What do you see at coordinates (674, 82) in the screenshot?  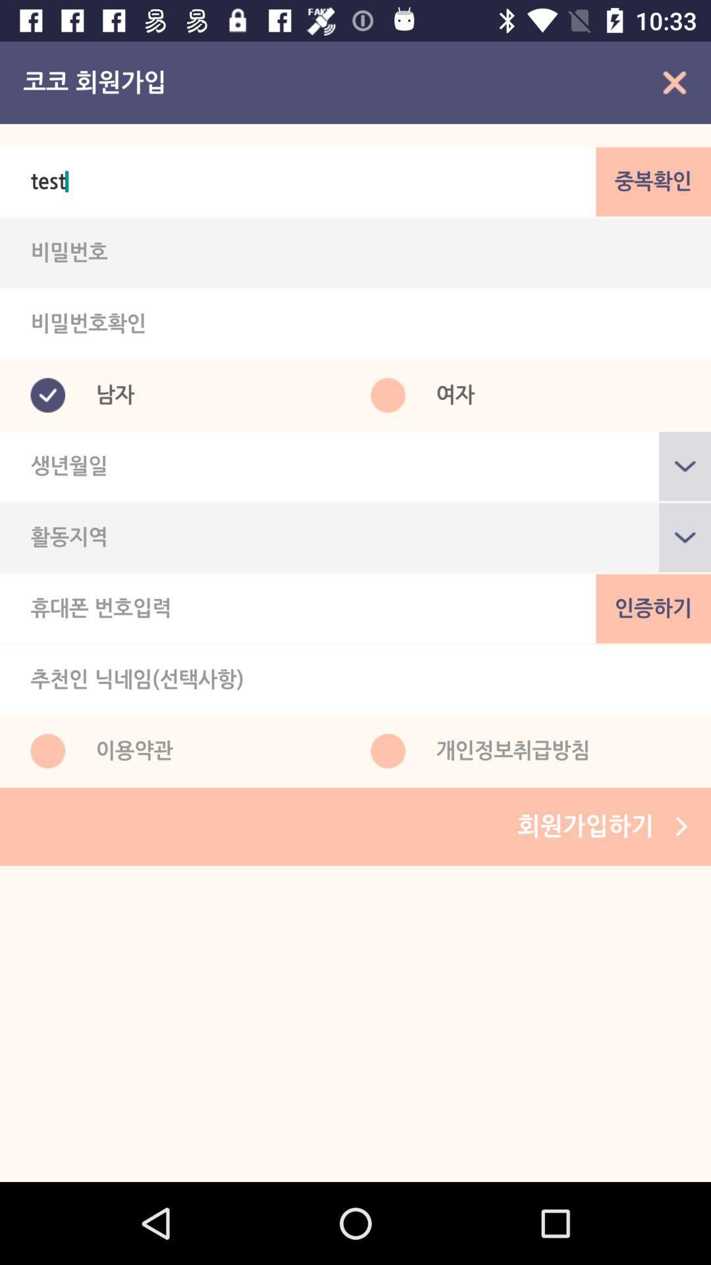 I see `the close icon` at bounding box center [674, 82].